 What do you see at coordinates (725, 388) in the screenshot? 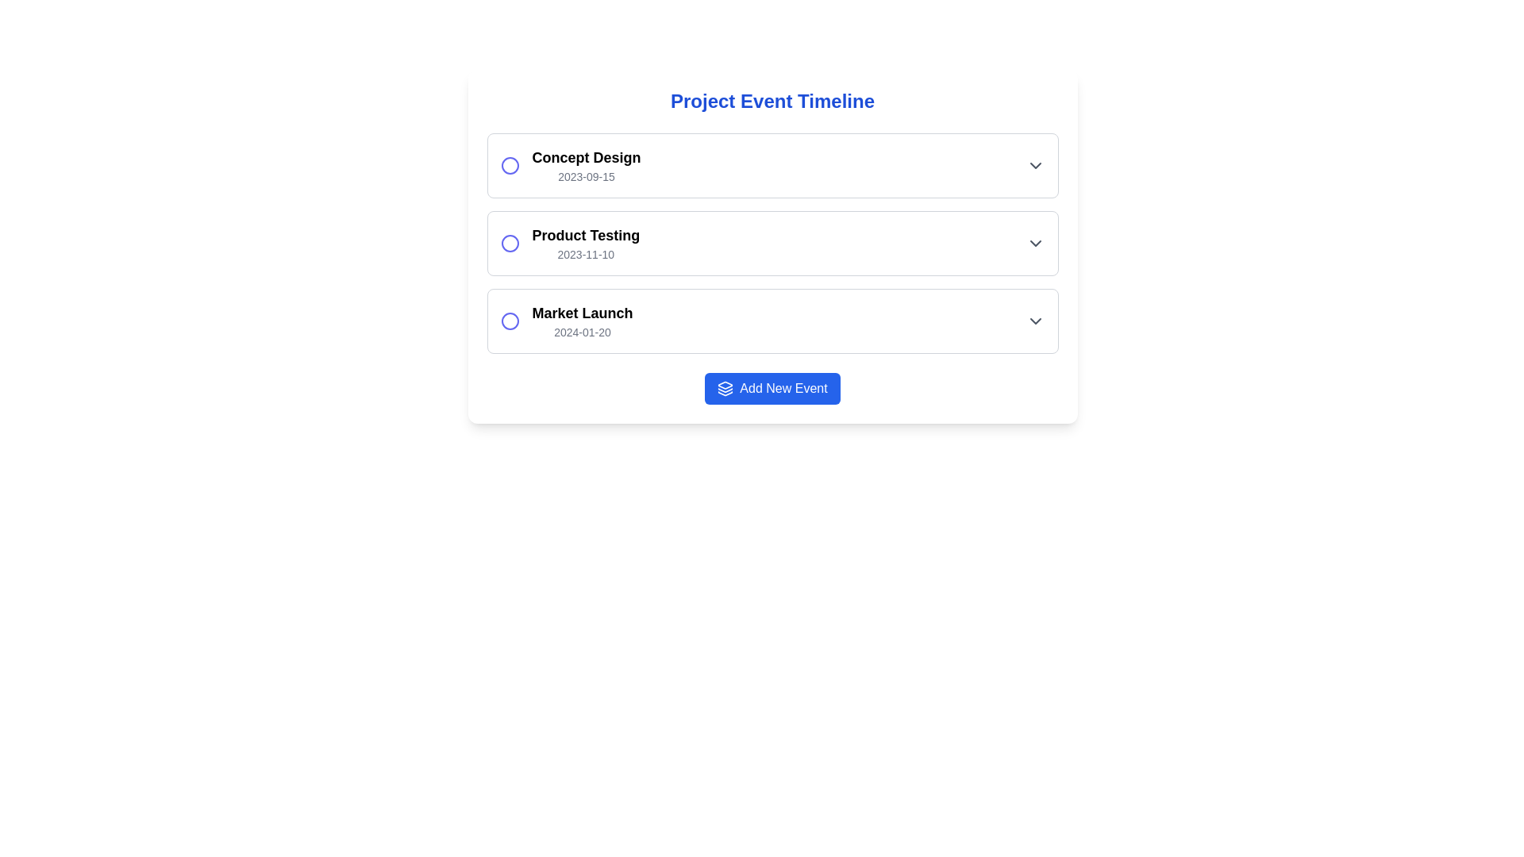
I see `the layers icon located inside the blue button labeled 'Add New Event', which is positioned to the left of the text` at bounding box center [725, 388].